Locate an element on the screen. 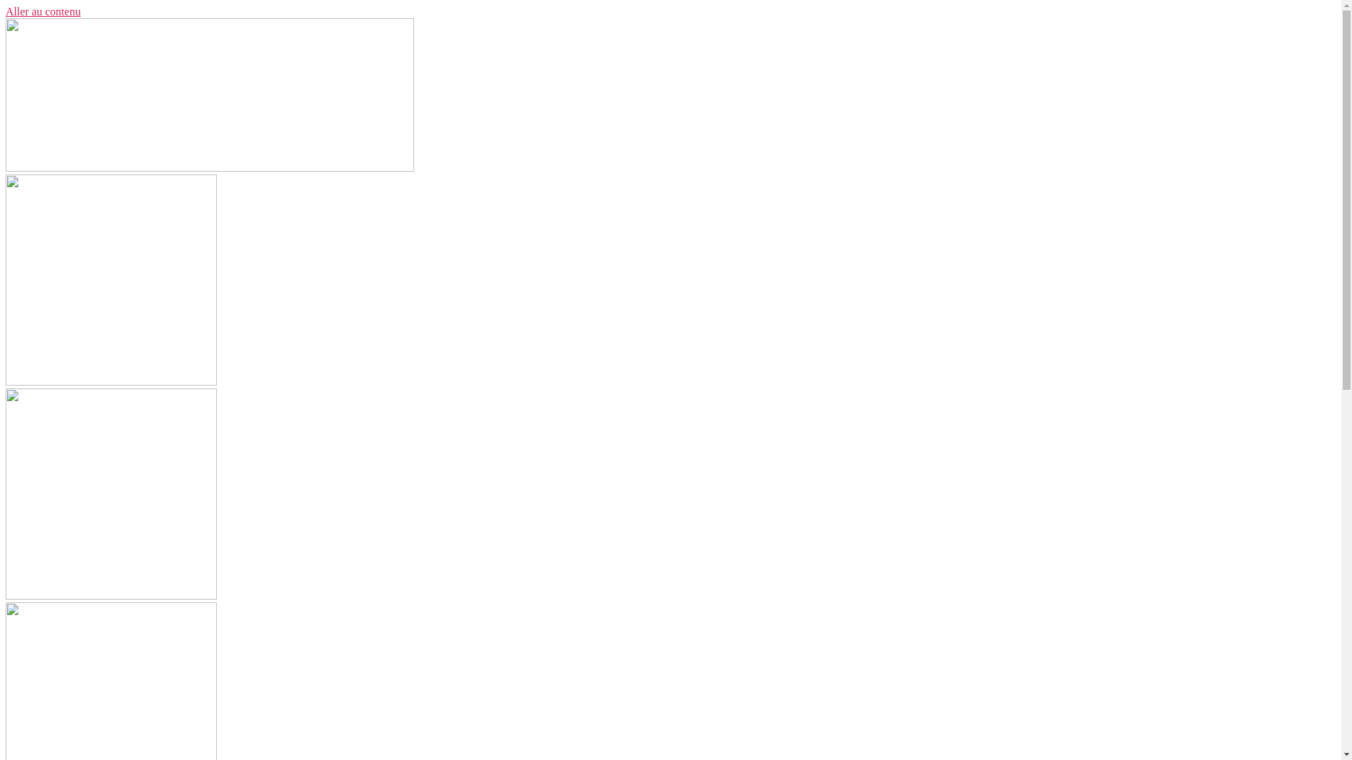 The image size is (1352, 760). 'Aller au contenu' is located at coordinates (43, 11).